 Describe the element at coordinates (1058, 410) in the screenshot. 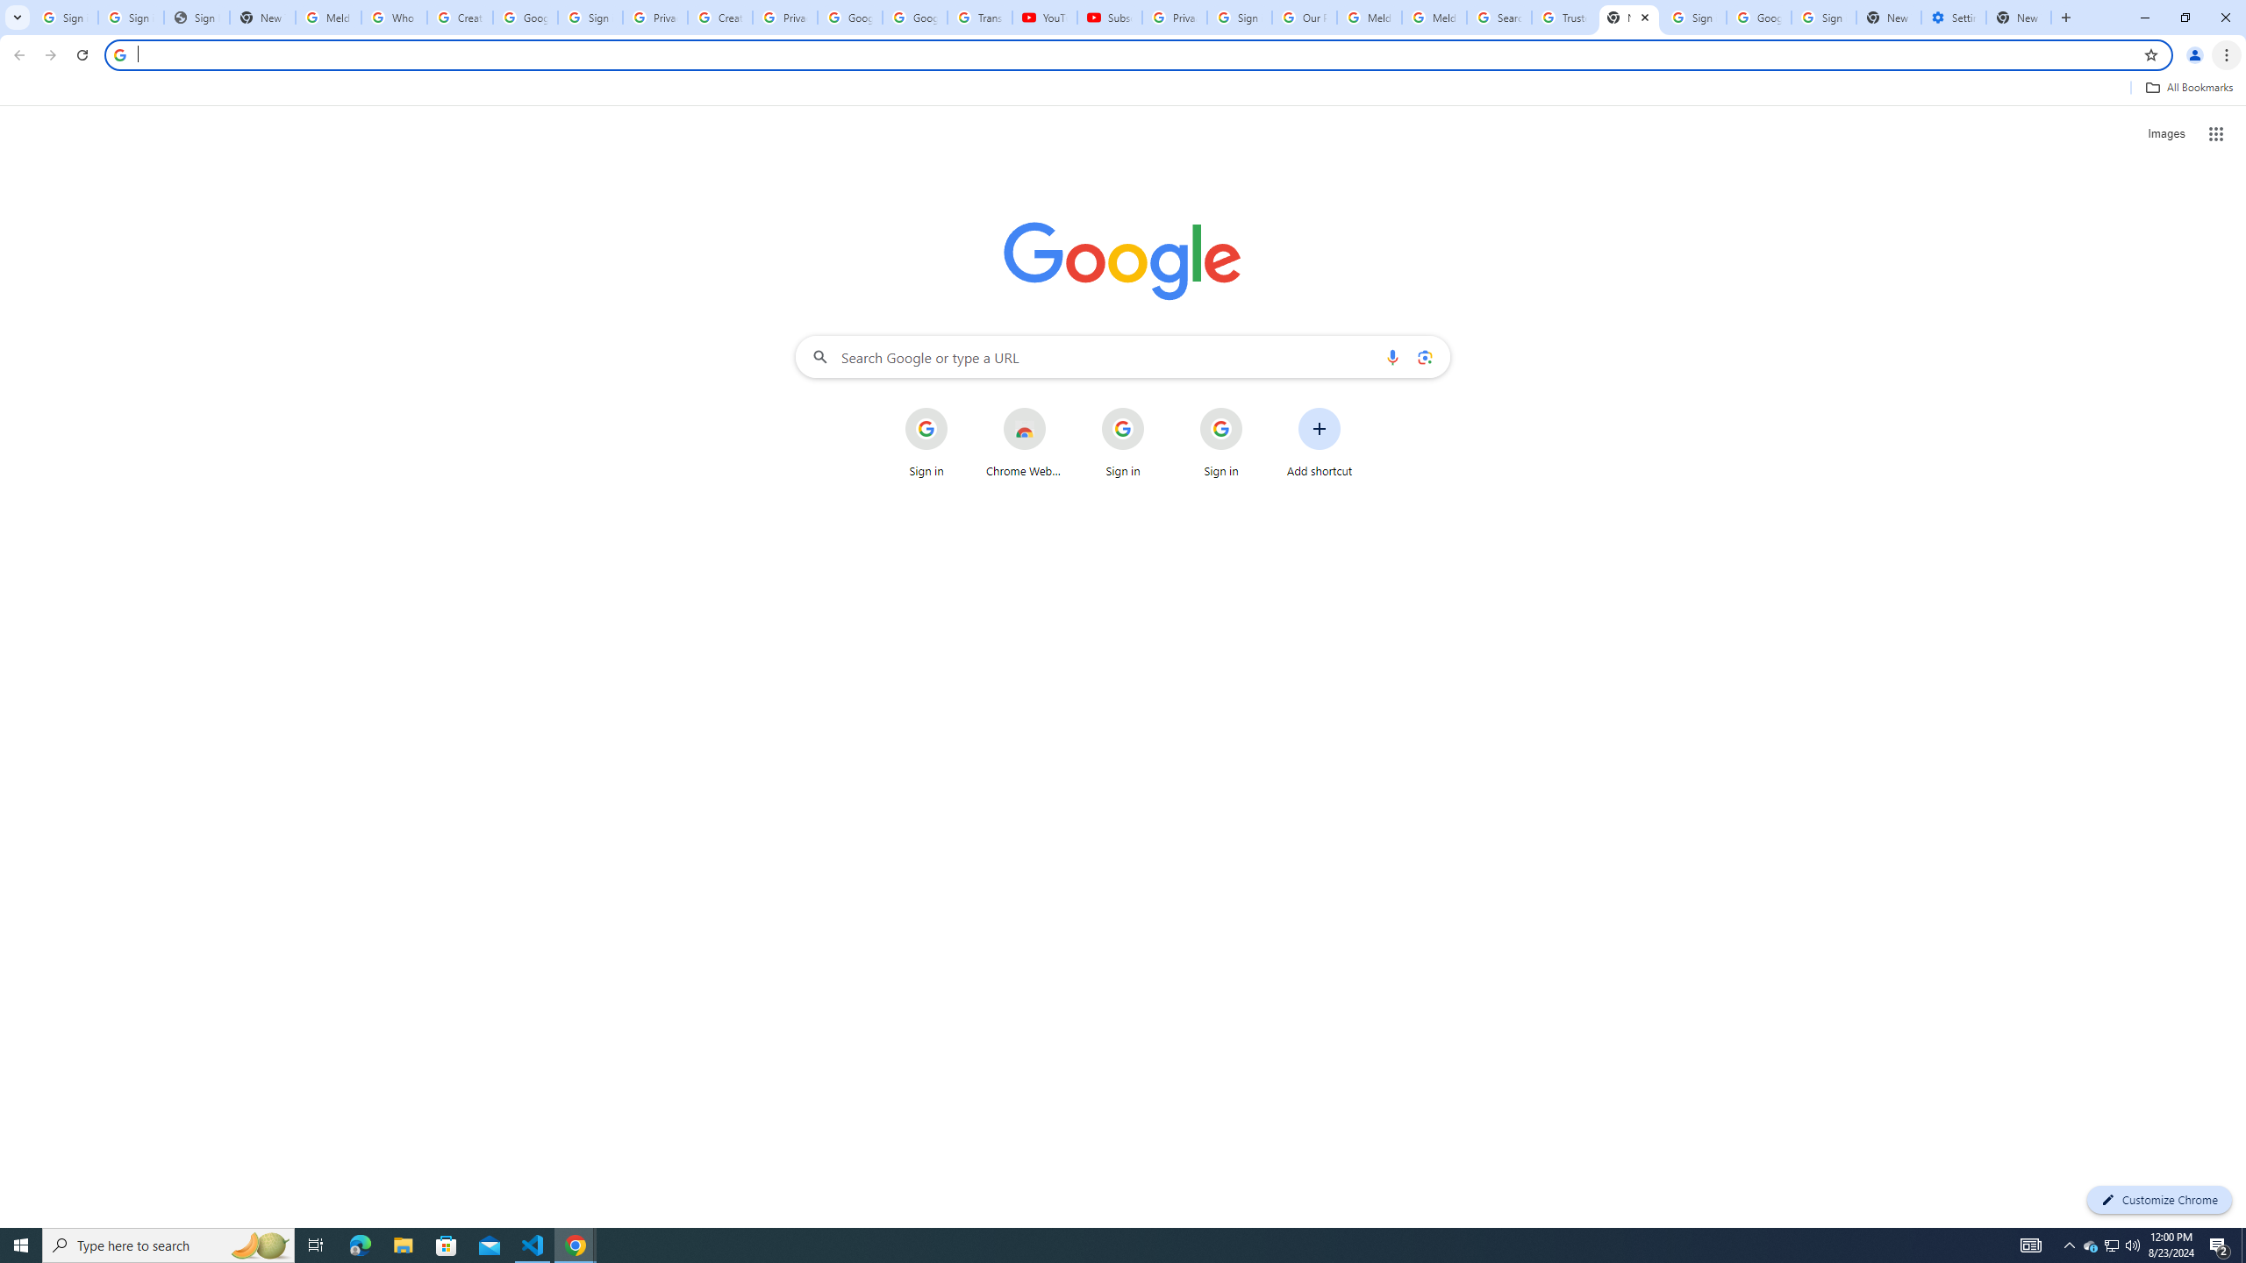

I see `'More actions for Chrome Web Store shortcut'` at that location.